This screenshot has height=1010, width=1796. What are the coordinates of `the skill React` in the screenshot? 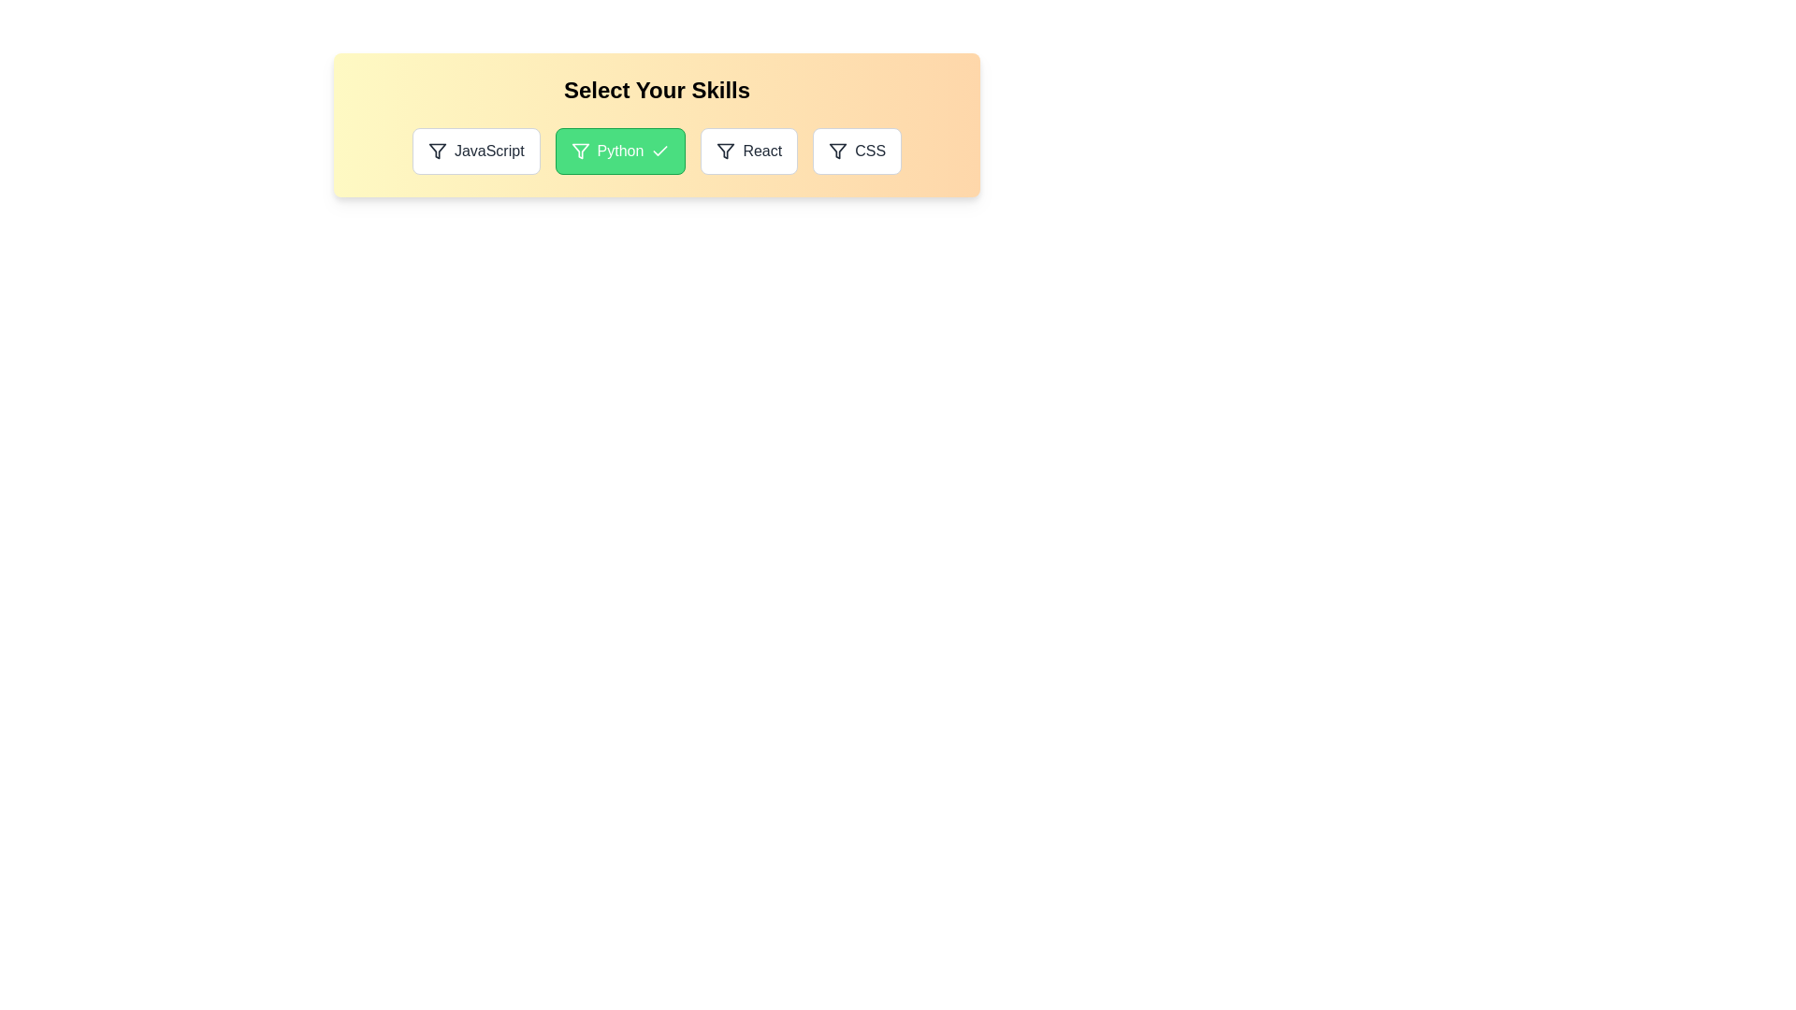 It's located at (749, 151).